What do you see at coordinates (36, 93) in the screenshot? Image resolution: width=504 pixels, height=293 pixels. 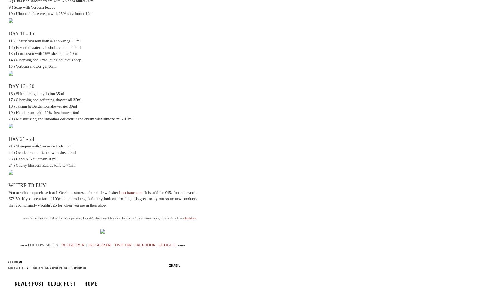 I see `'16.) Shimmering body lotion 35ml'` at bounding box center [36, 93].